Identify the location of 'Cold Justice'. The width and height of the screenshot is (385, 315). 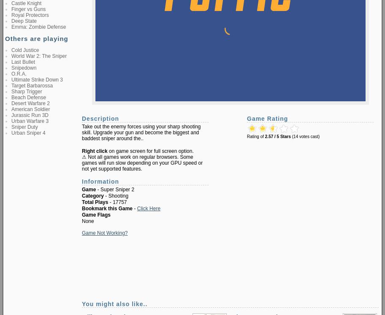
(24, 49).